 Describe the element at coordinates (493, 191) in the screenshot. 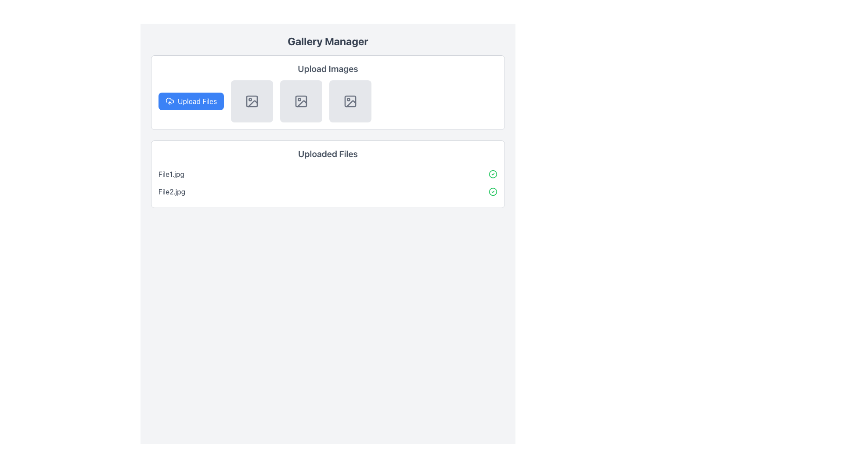

I see `the circular visual indicator adjacent to 'File2.jpg' in the 'Uploaded Files' section to observe its status representation` at that location.